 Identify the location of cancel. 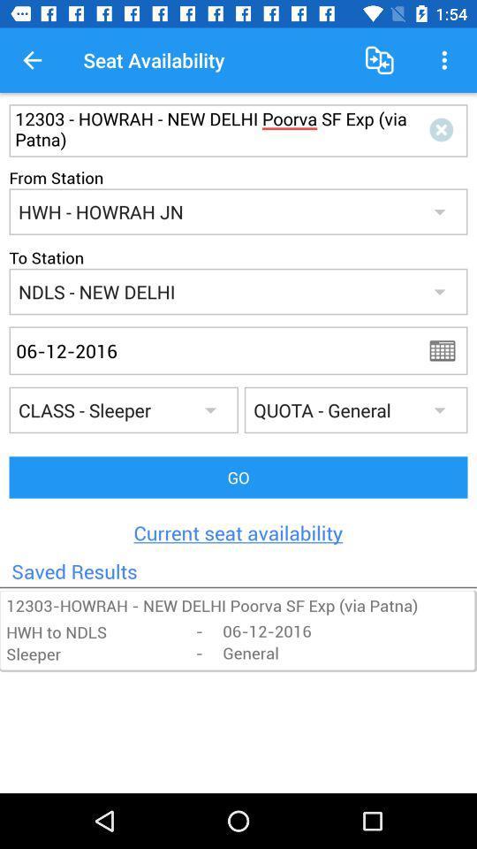
(443, 129).